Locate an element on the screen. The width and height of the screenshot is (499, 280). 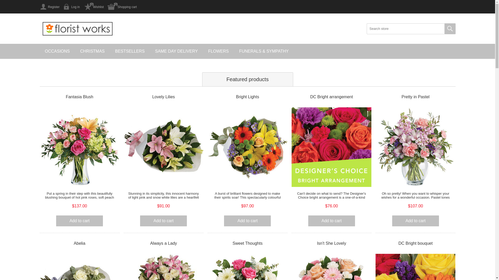
'Show details for Pretty in Pastel' is located at coordinates (415, 147).